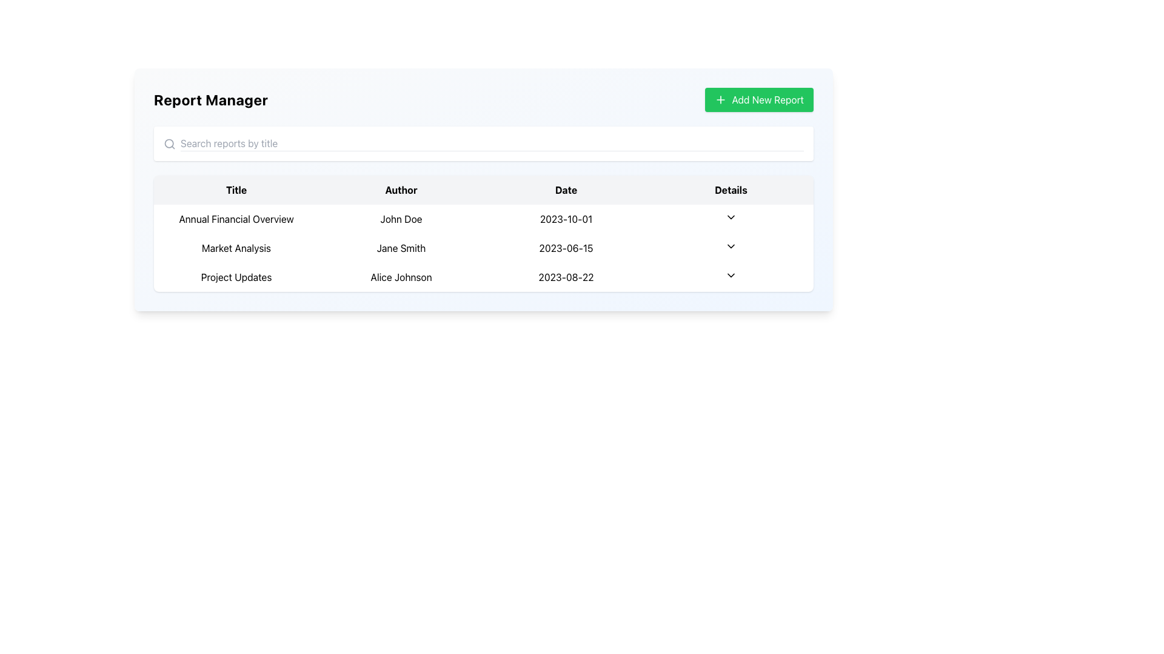  What do you see at coordinates (483, 219) in the screenshot?
I see `the first row in the 'Report Manager' table` at bounding box center [483, 219].